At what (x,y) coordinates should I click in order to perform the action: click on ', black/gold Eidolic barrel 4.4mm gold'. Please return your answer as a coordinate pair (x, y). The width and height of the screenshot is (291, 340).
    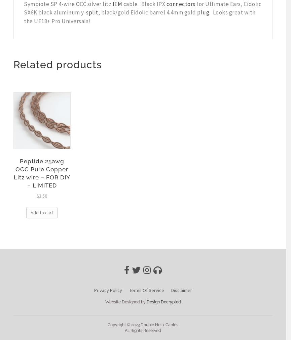
    Looking at the image, I should click on (147, 12).